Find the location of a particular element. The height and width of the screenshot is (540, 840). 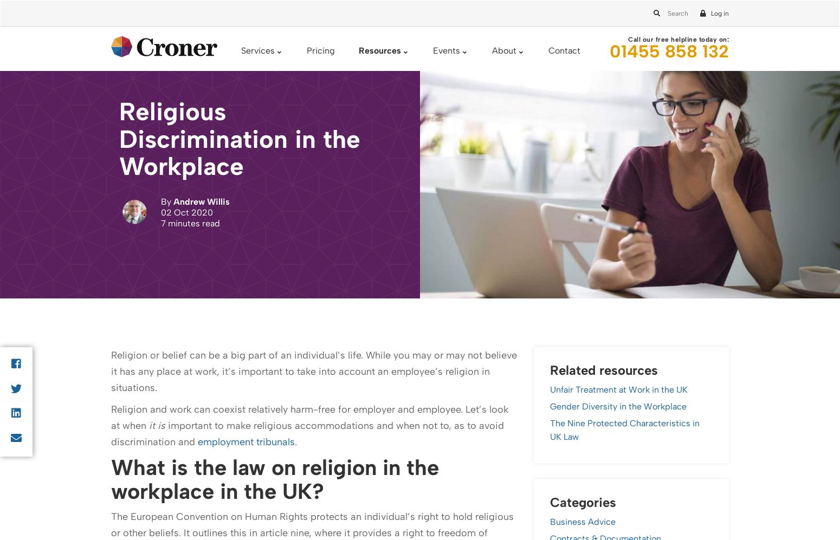

'.' is located at coordinates (244, 213).